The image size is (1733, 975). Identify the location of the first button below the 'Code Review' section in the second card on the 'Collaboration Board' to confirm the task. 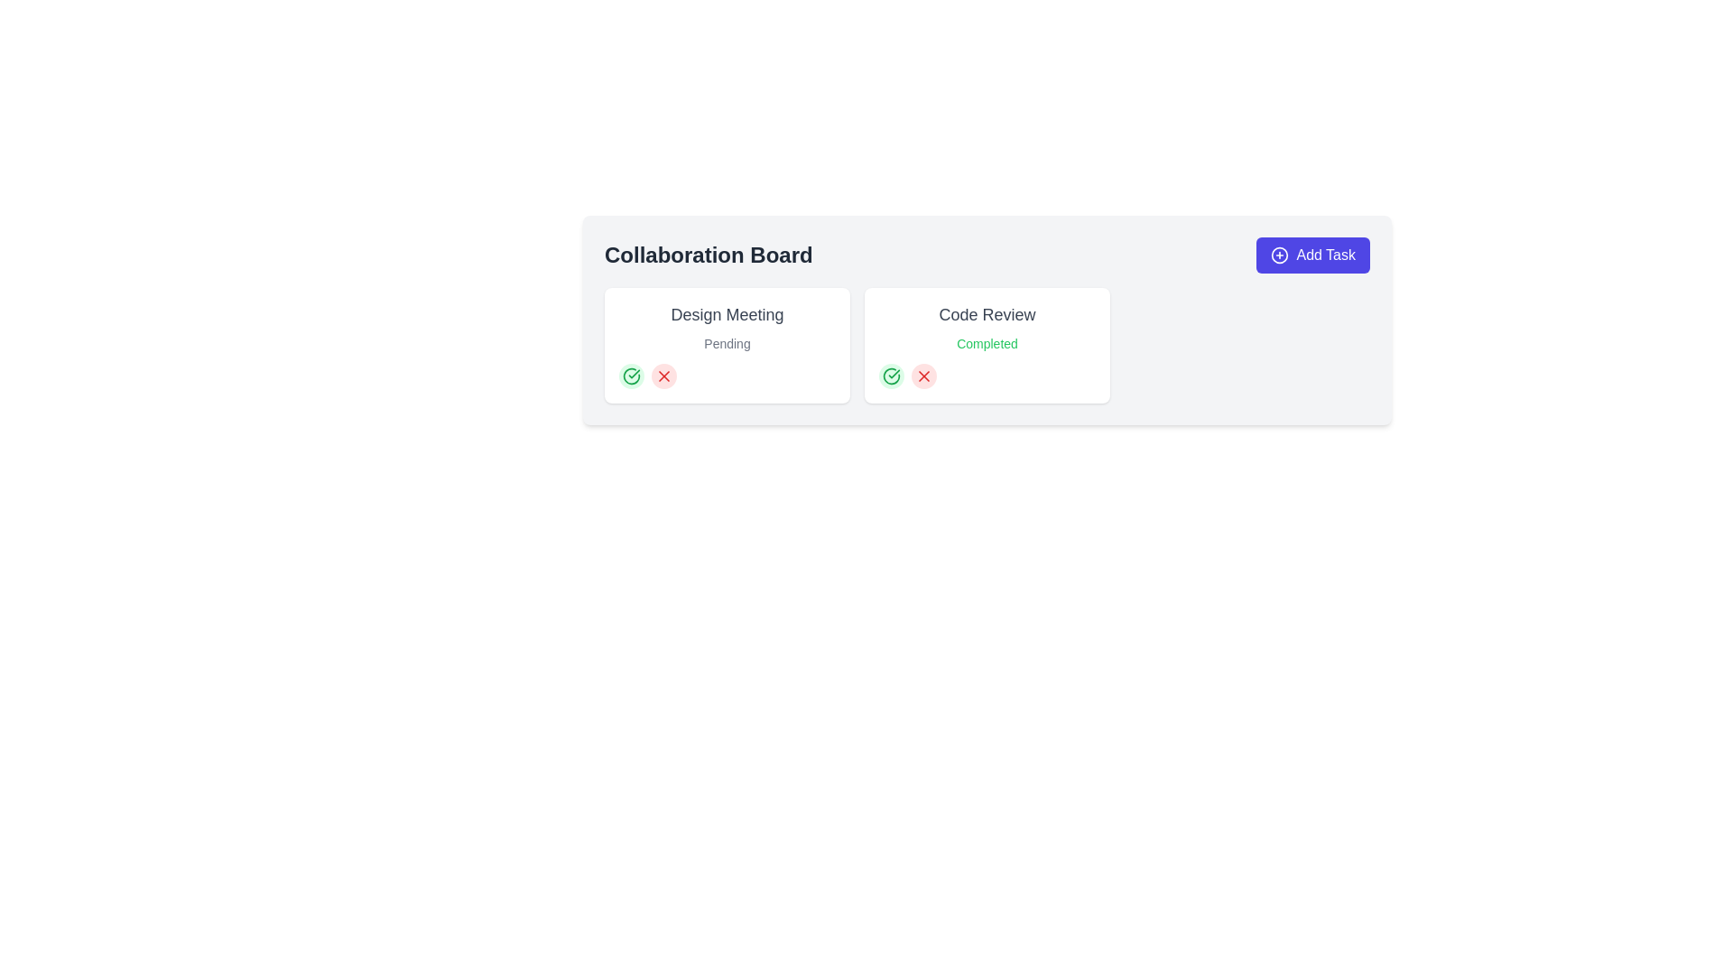
(892, 375).